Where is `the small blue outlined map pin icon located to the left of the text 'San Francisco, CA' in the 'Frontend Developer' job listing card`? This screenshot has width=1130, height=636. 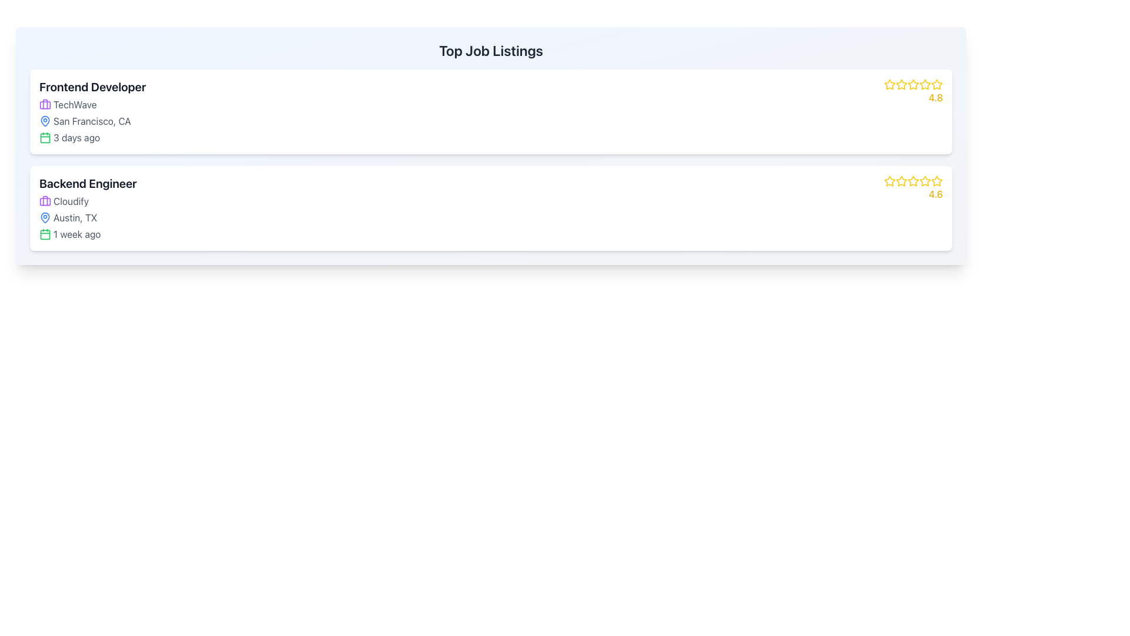
the small blue outlined map pin icon located to the left of the text 'San Francisco, CA' in the 'Frontend Developer' job listing card is located at coordinates (45, 121).